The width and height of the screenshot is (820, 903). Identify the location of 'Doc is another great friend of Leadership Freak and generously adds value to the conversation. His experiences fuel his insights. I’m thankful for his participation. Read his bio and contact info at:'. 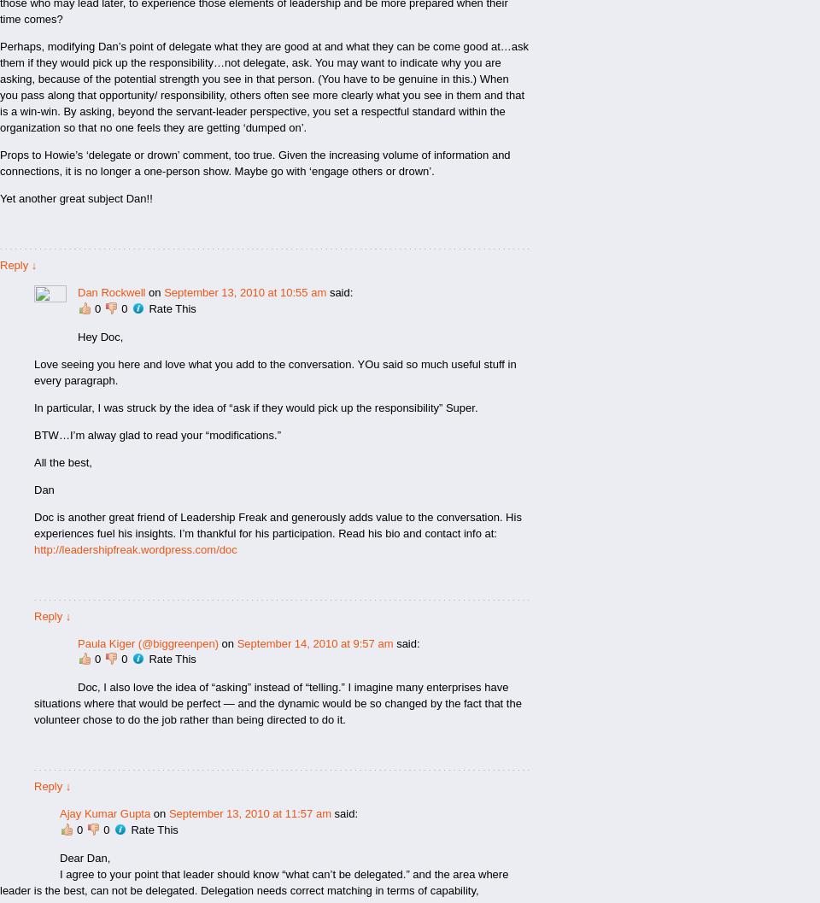
(33, 525).